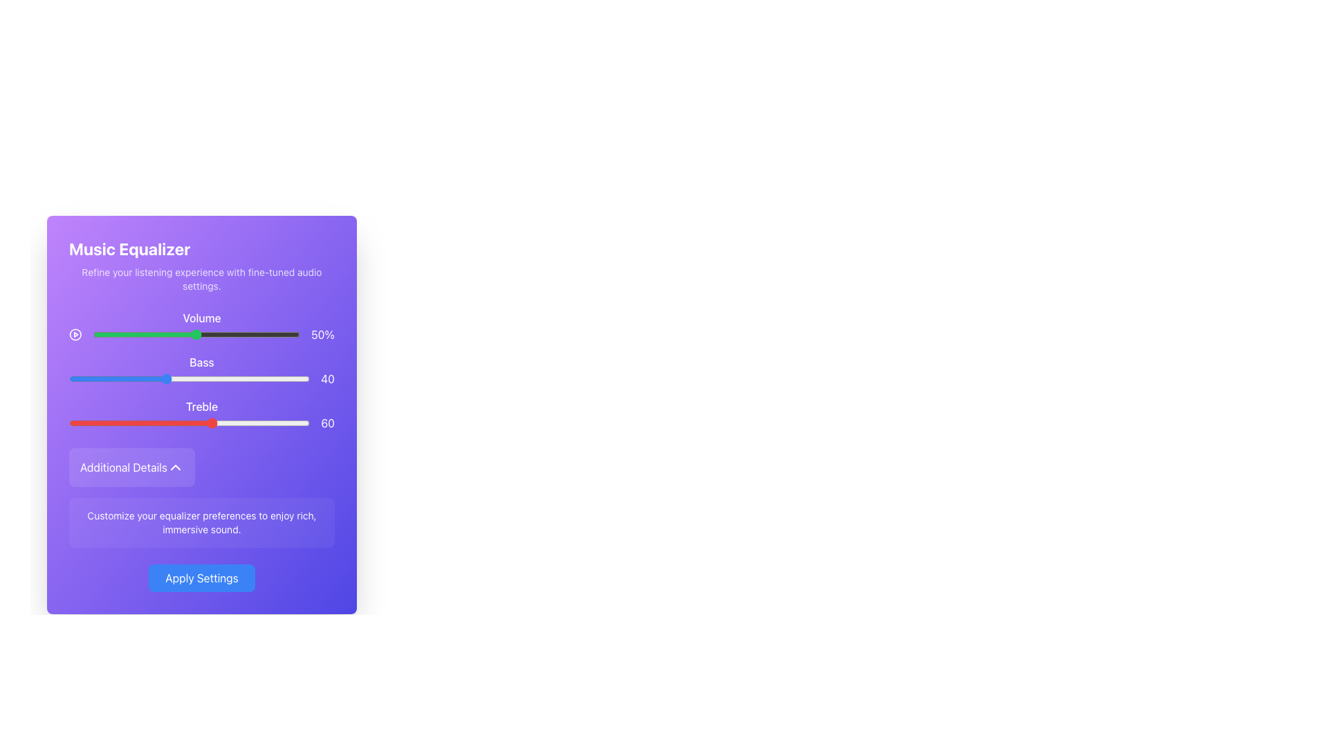 This screenshot has width=1328, height=747. I want to click on the volume, so click(192, 334).